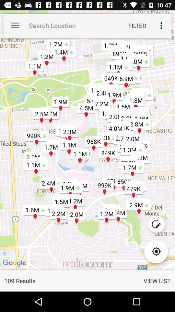 The width and height of the screenshot is (175, 312). Describe the element at coordinates (156, 224) in the screenshot. I see `the edit icon` at that location.